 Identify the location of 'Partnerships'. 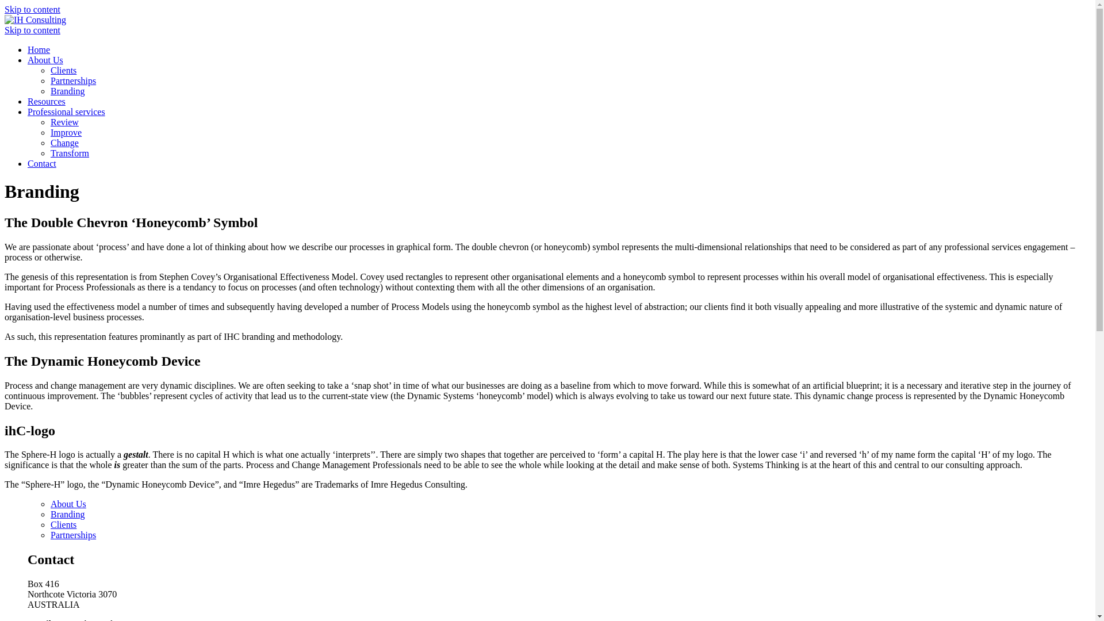
(49, 80).